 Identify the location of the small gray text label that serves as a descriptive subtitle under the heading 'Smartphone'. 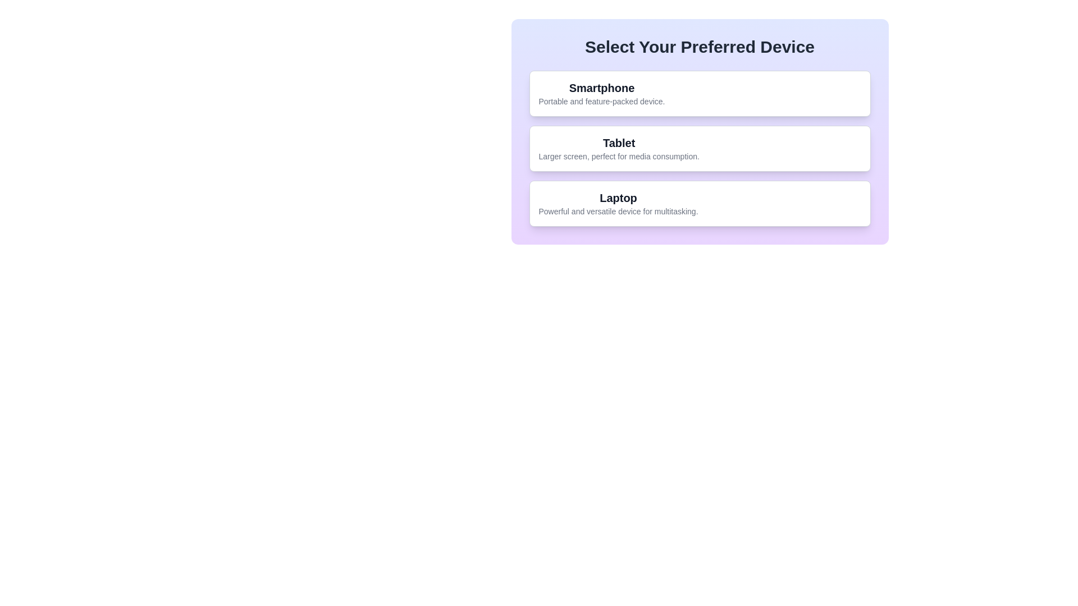
(601, 102).